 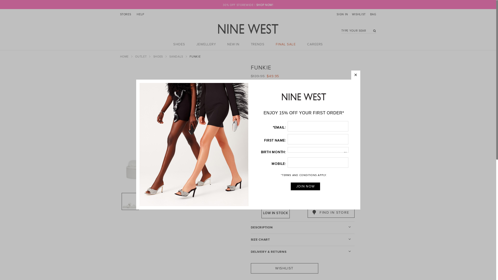 I want to click on 'TRENDS', so click(x=258, y=44).